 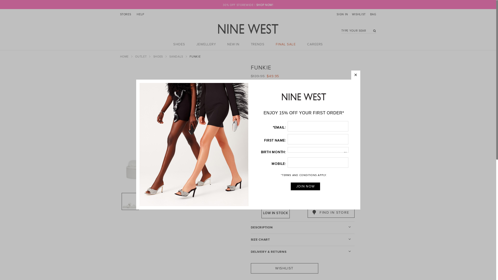 I want to click on 'TRENDS', so click(x=258, y=44).